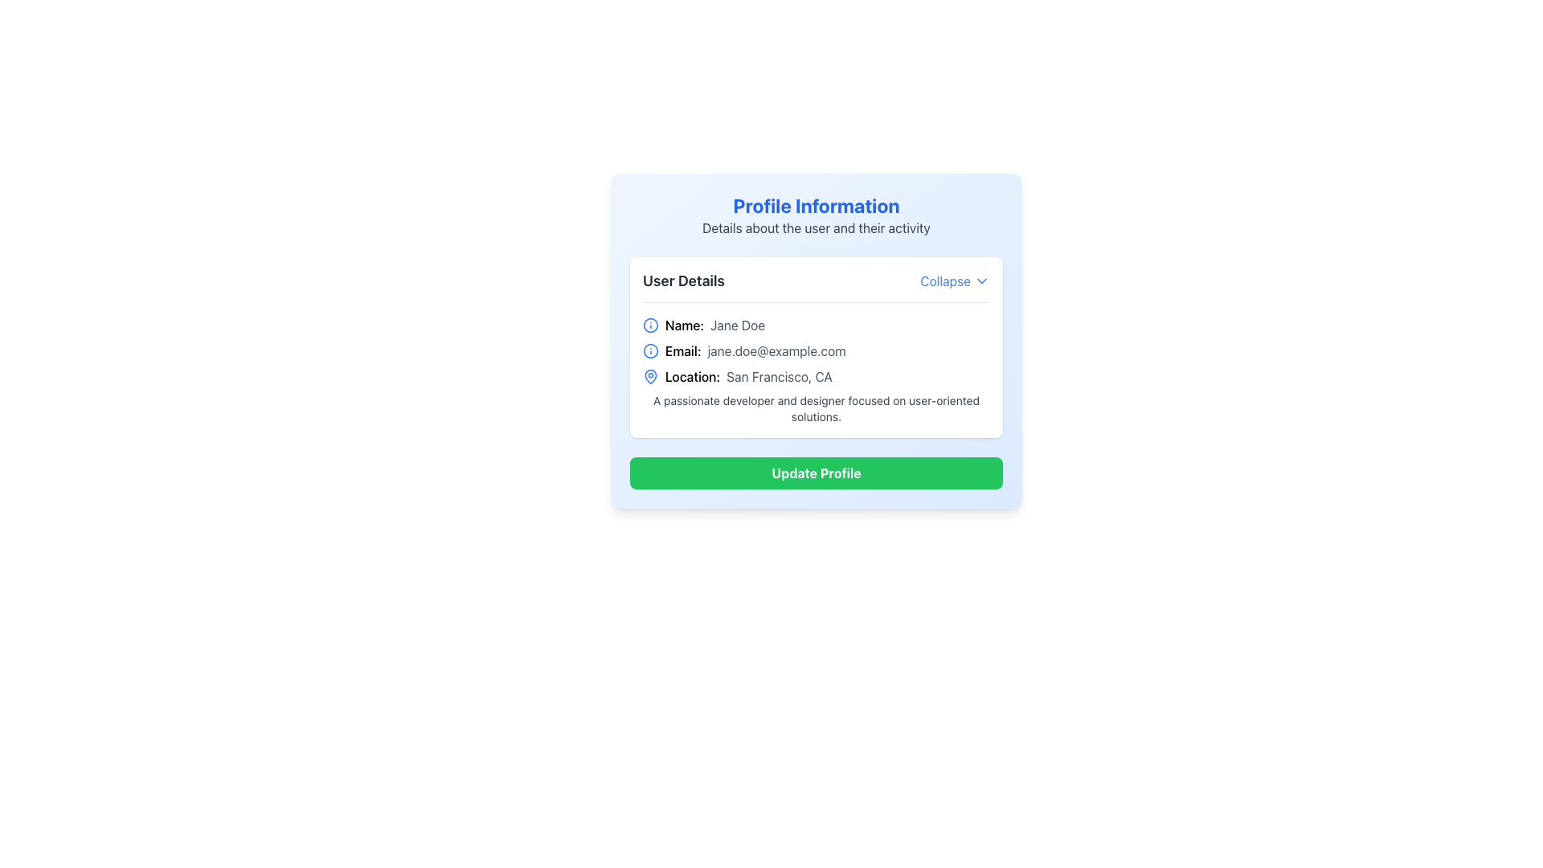 The width and height of the screenshot is (1543, 868). I want to click on the small, blue pin icon that symbolizes a location marker, positioned at the start of the text 'Location: San Francisco, CA' in the 'User Details' section of the profile card, so click(651, 377).